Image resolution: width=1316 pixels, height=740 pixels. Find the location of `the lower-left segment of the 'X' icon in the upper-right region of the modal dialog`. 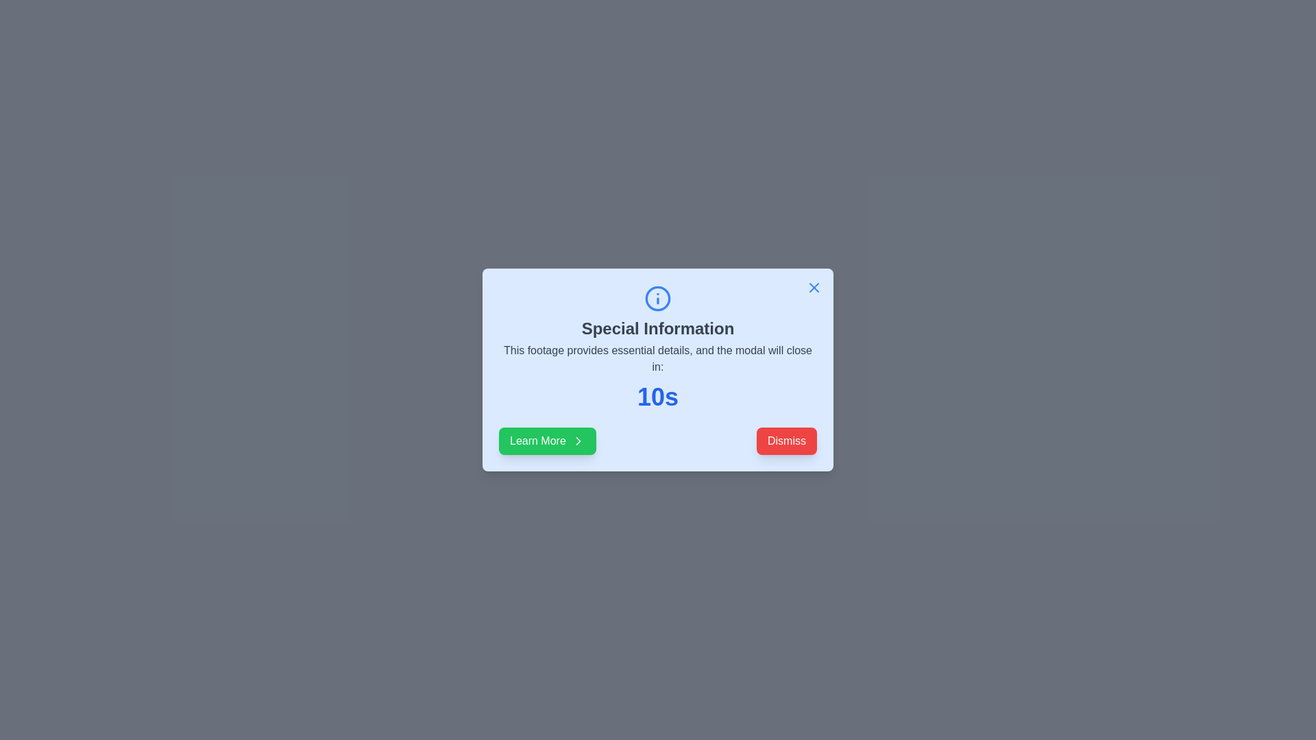

the lower-left segment of the 'X' icon in the upper-right region of the modal dialog is located at coordinates (814, 287).